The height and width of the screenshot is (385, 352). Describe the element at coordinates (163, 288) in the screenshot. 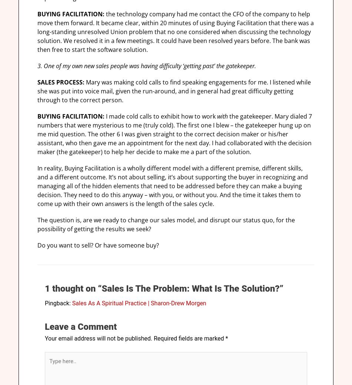

I see `'1 thought on “Sales Is The Problem: What Is The Solution?”'` at that location.